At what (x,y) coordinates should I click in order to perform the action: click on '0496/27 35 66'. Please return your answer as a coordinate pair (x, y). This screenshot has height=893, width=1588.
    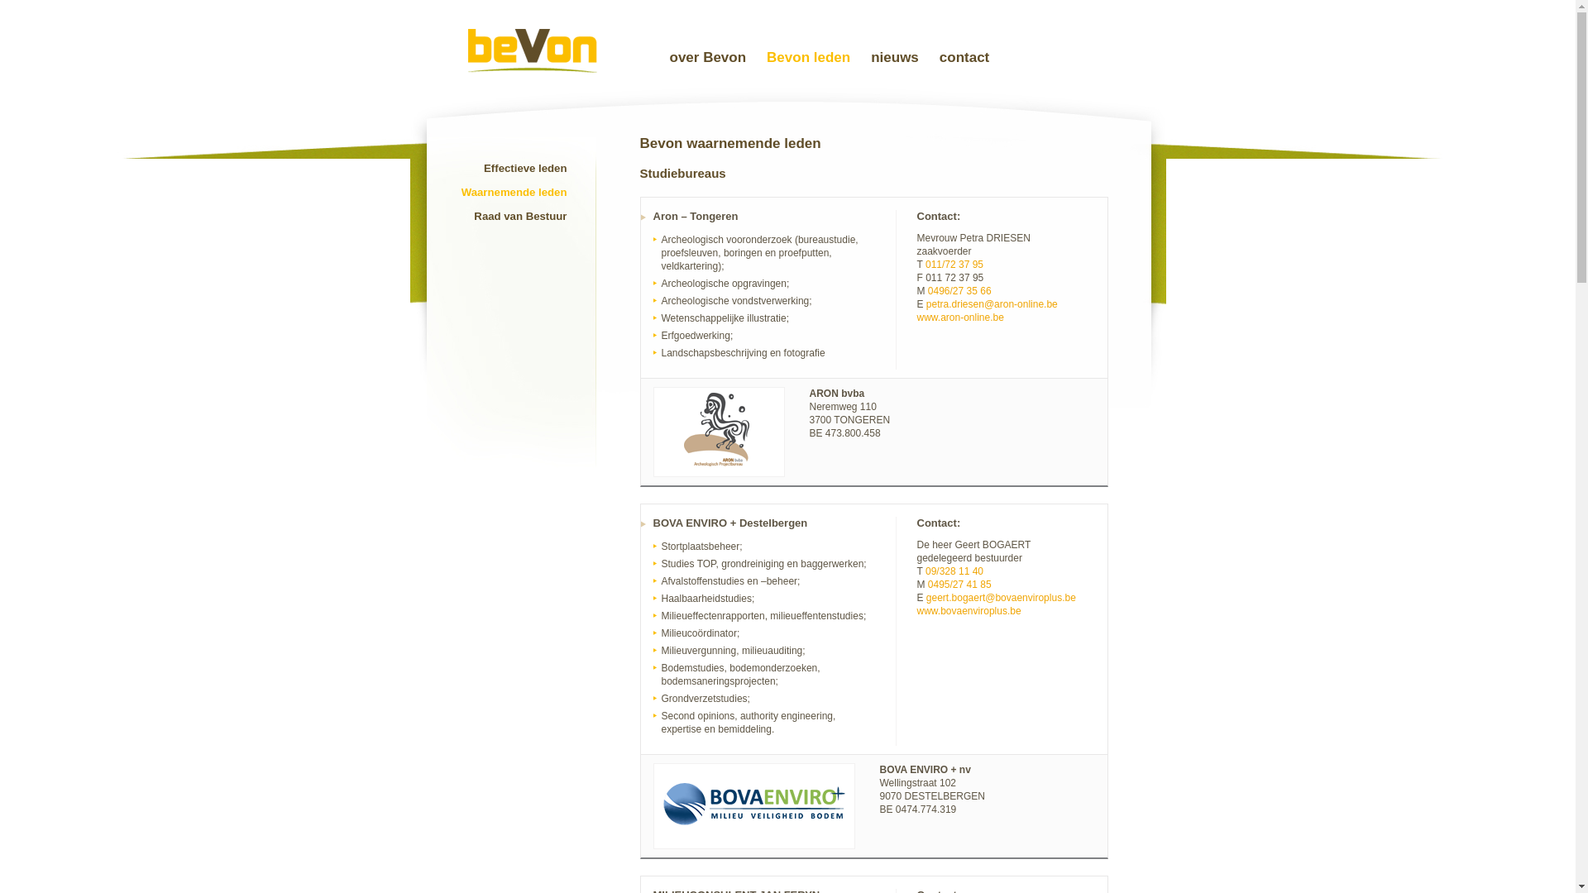
    Looking at the image, I should click on (928, 289).